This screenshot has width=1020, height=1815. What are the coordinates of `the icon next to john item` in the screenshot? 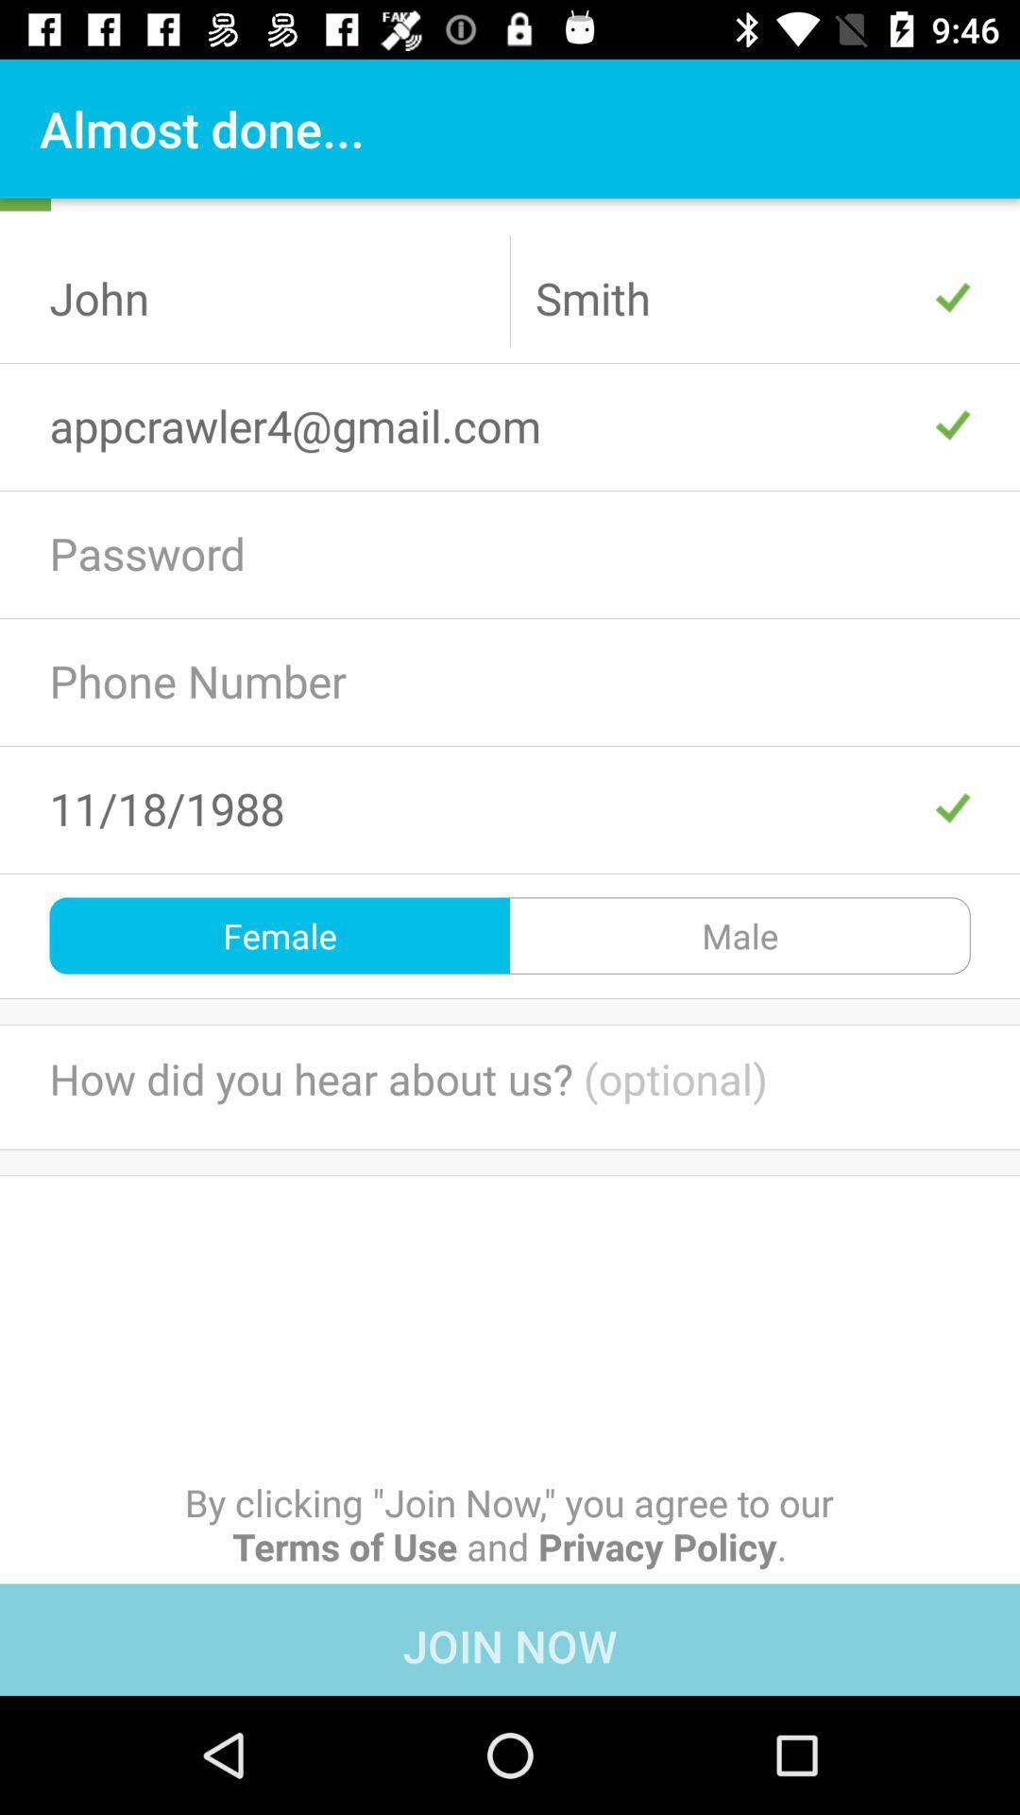 It's located at (752, 297).